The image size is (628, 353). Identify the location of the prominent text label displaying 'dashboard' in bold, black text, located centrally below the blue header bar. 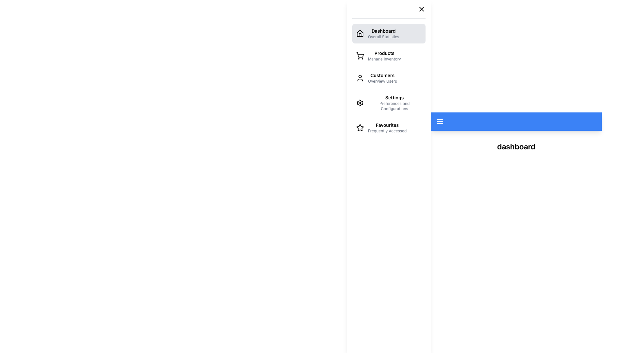
(516, 146).